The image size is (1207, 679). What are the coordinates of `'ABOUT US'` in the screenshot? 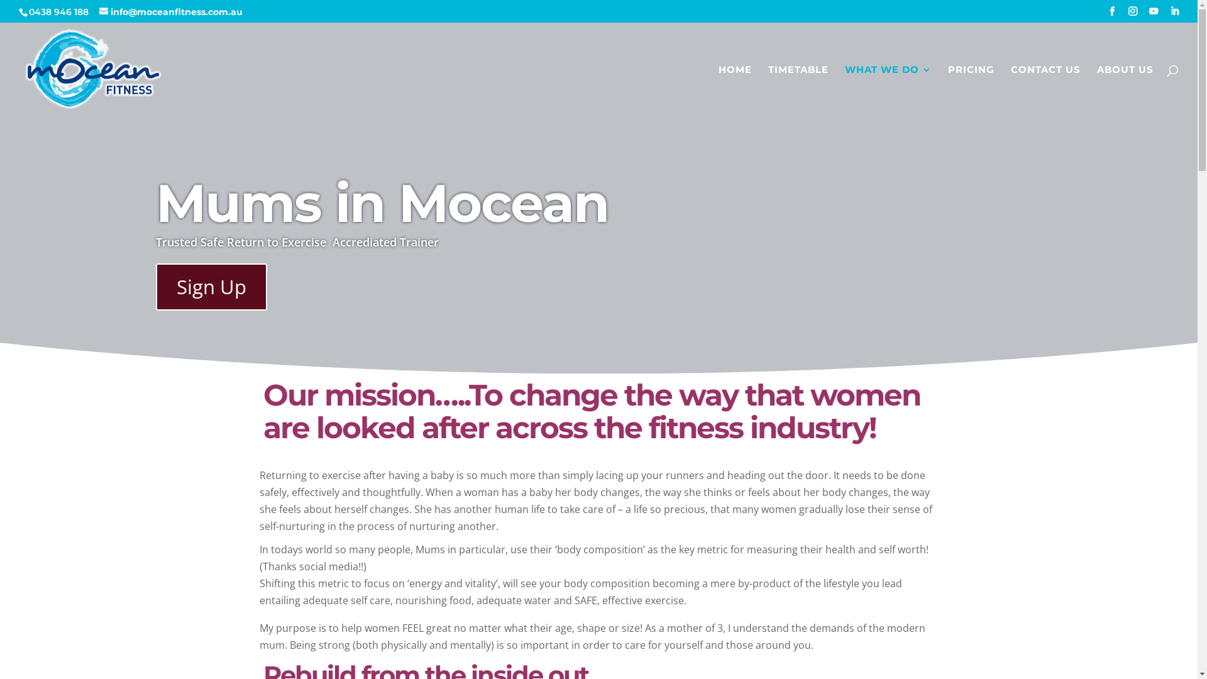 It's located at (1125, 91).